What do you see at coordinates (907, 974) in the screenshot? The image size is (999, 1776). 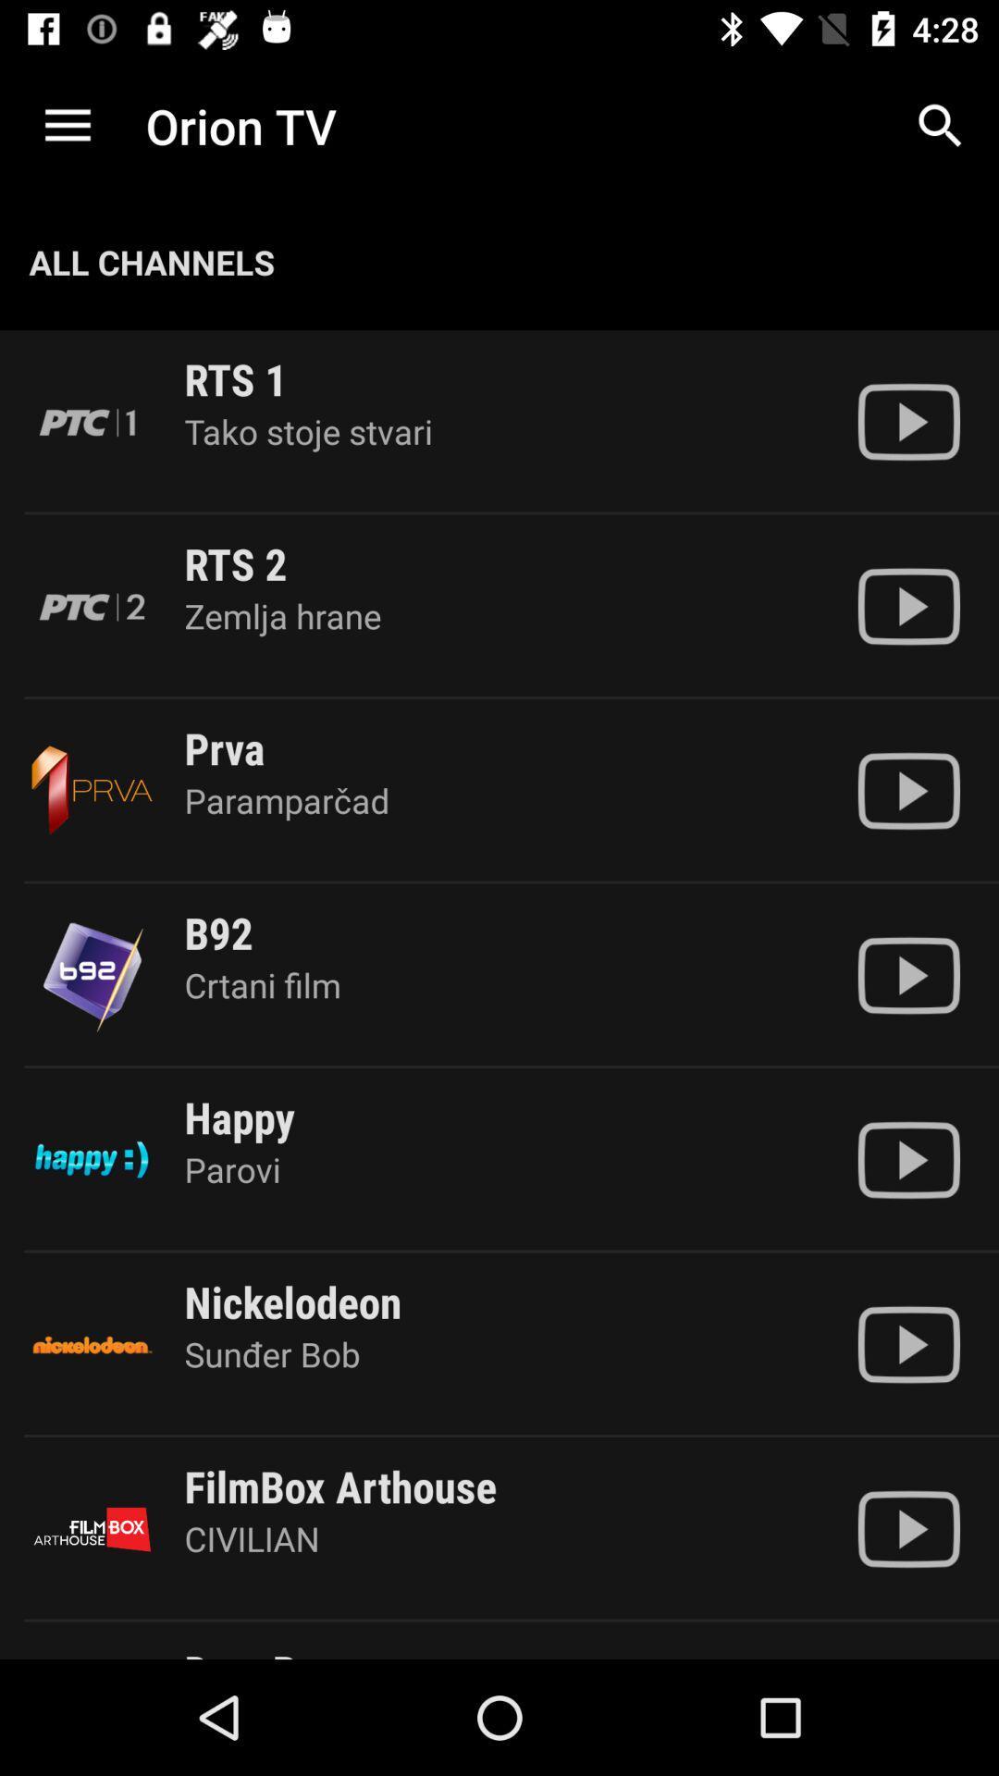 I see `playback start` at bounding box center [907, 974].